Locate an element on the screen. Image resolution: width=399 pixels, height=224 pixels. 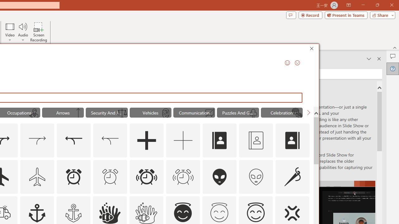
'AutomationID: Icons_AlienFace' is located at coordinates (220, 177).